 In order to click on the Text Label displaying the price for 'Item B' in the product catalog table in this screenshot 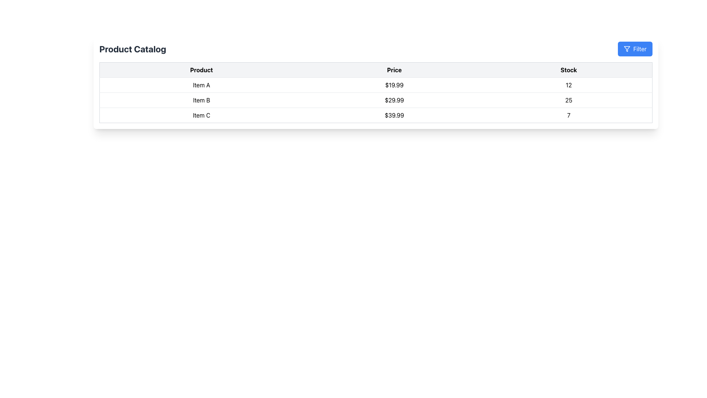, I will do `click(394, 100)`.